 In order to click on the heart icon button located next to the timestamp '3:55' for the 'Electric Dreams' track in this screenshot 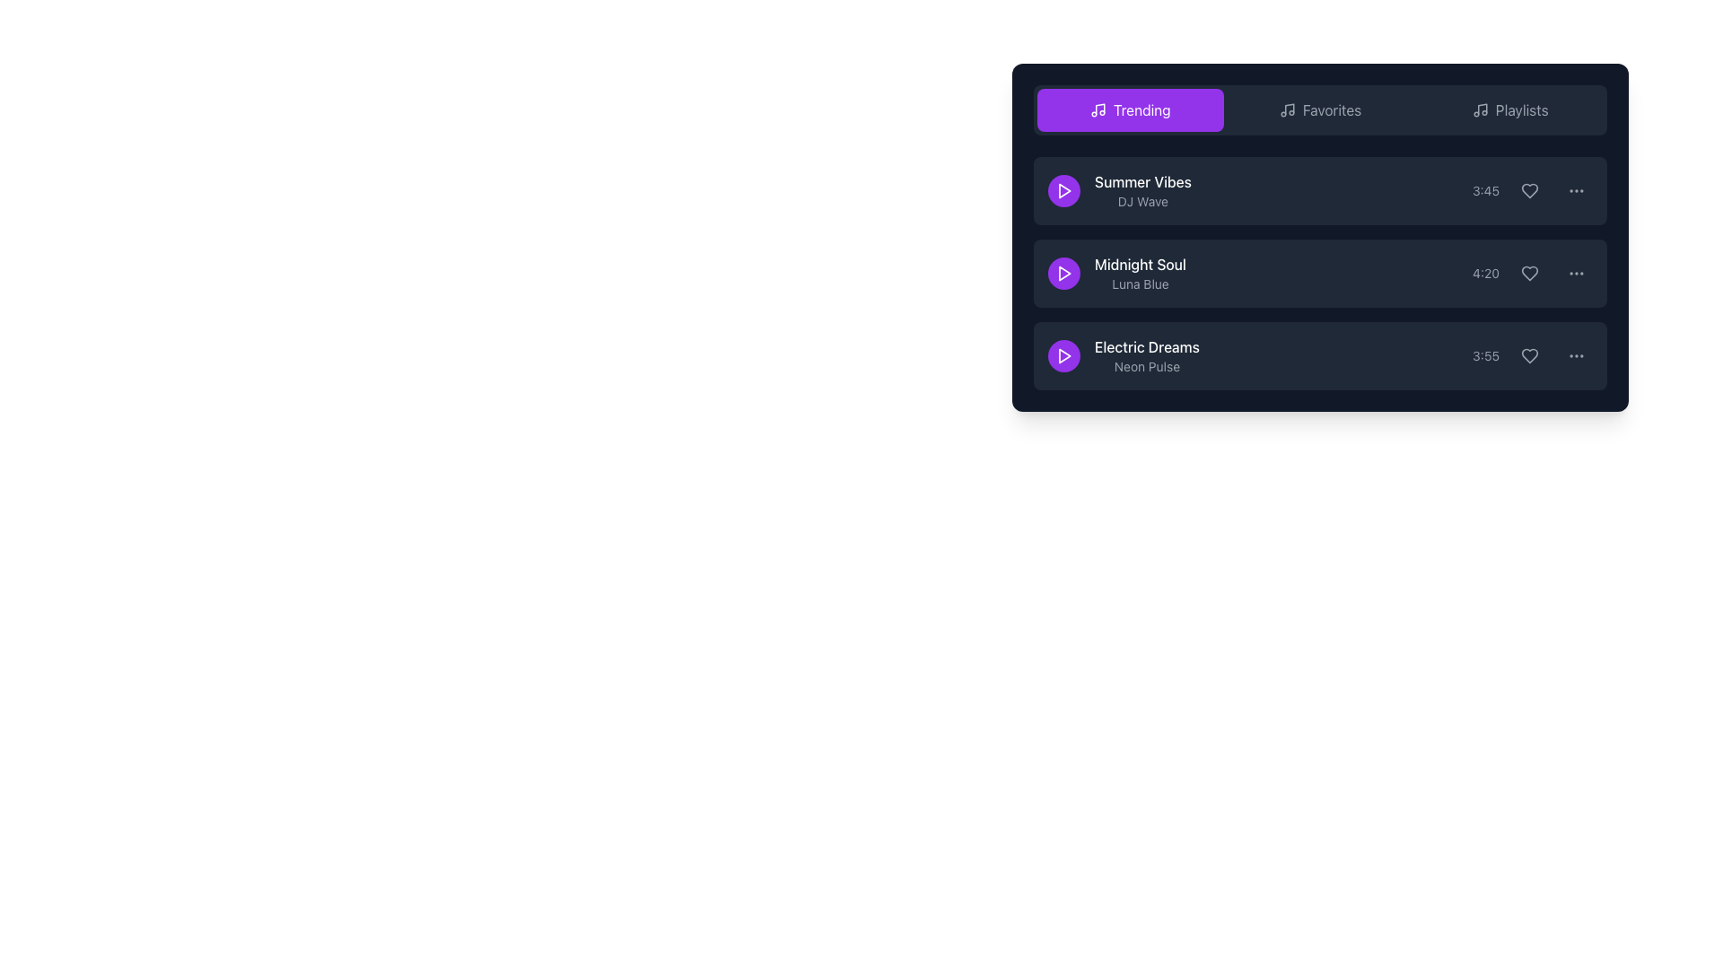, I will do `click(1528, 356)`.